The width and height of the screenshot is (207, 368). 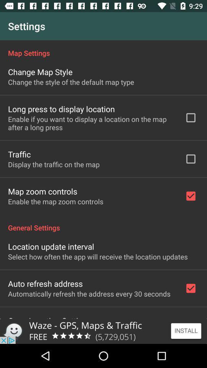 I want to click on open advertisement, so click(x=103, y=331).